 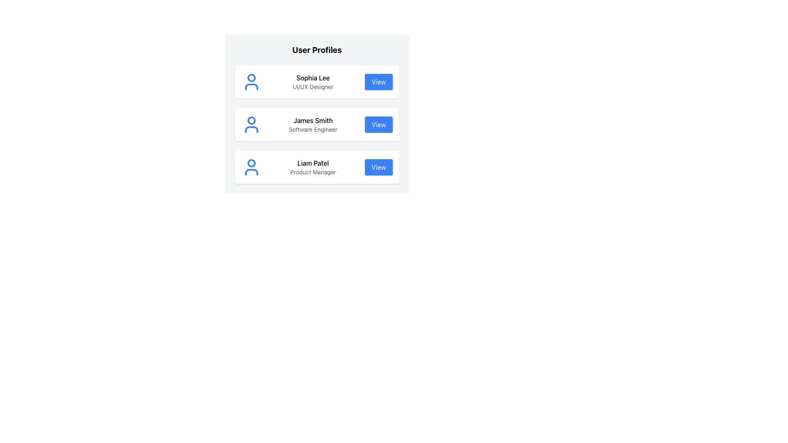 I want to click on the profile image icon representing user 'James Smith' located at the top-left corner of the second user profile card, so click(x=251, y=125).